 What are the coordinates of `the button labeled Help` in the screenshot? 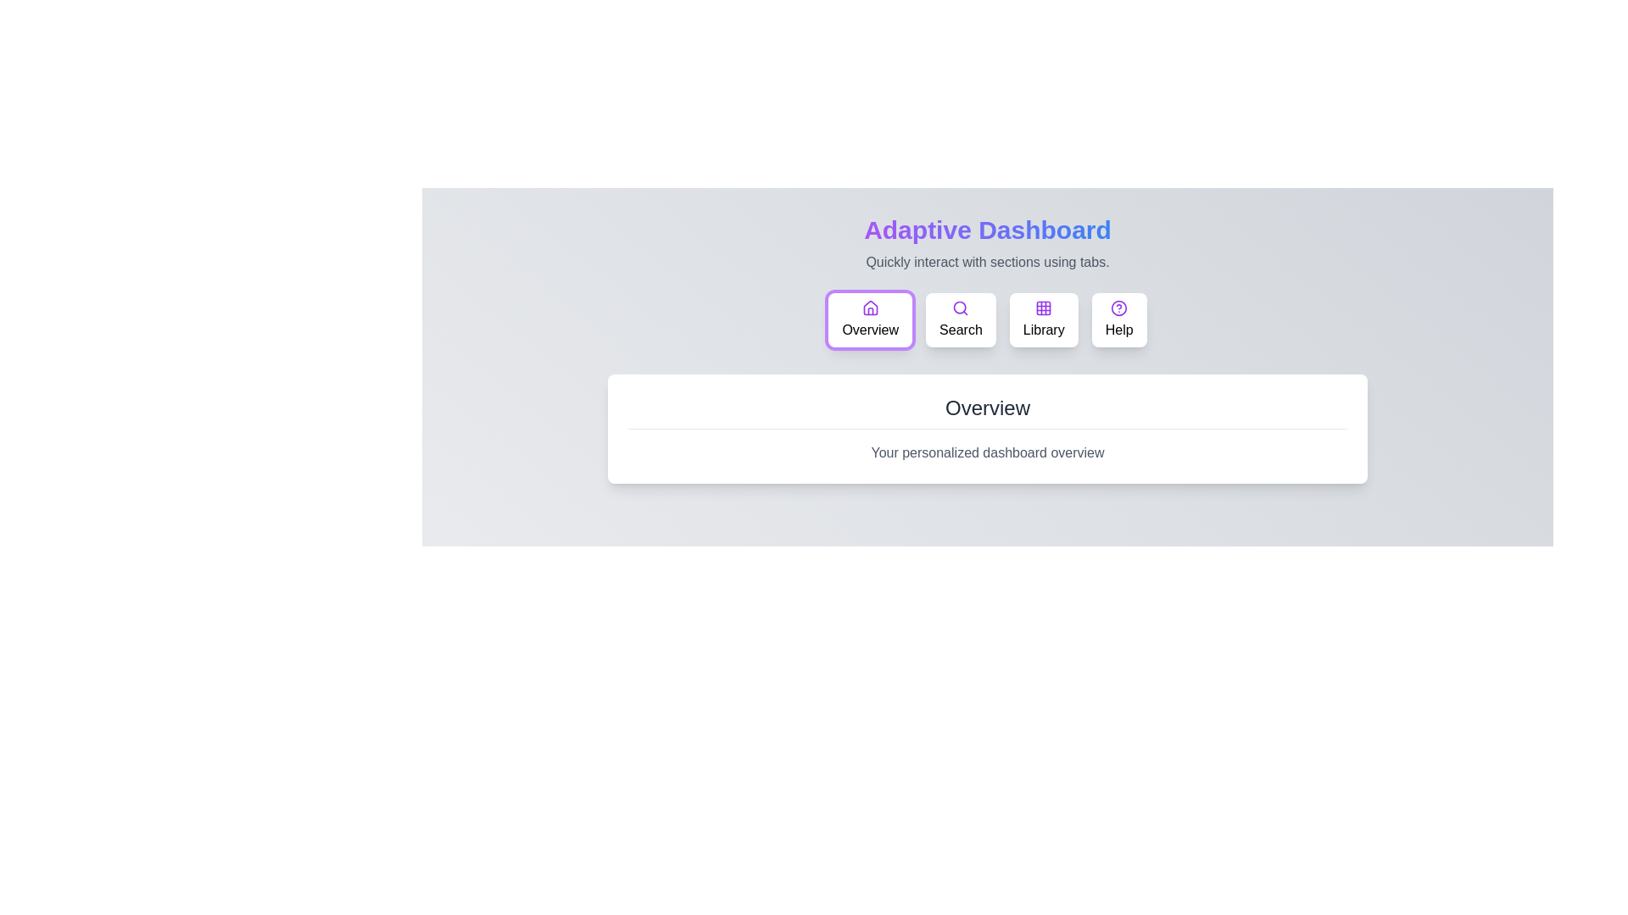 It's located at (1119, 320).